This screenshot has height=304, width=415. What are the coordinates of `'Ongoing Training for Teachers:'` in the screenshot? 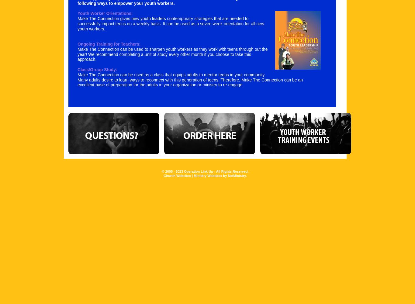 It's located at (109, 44).